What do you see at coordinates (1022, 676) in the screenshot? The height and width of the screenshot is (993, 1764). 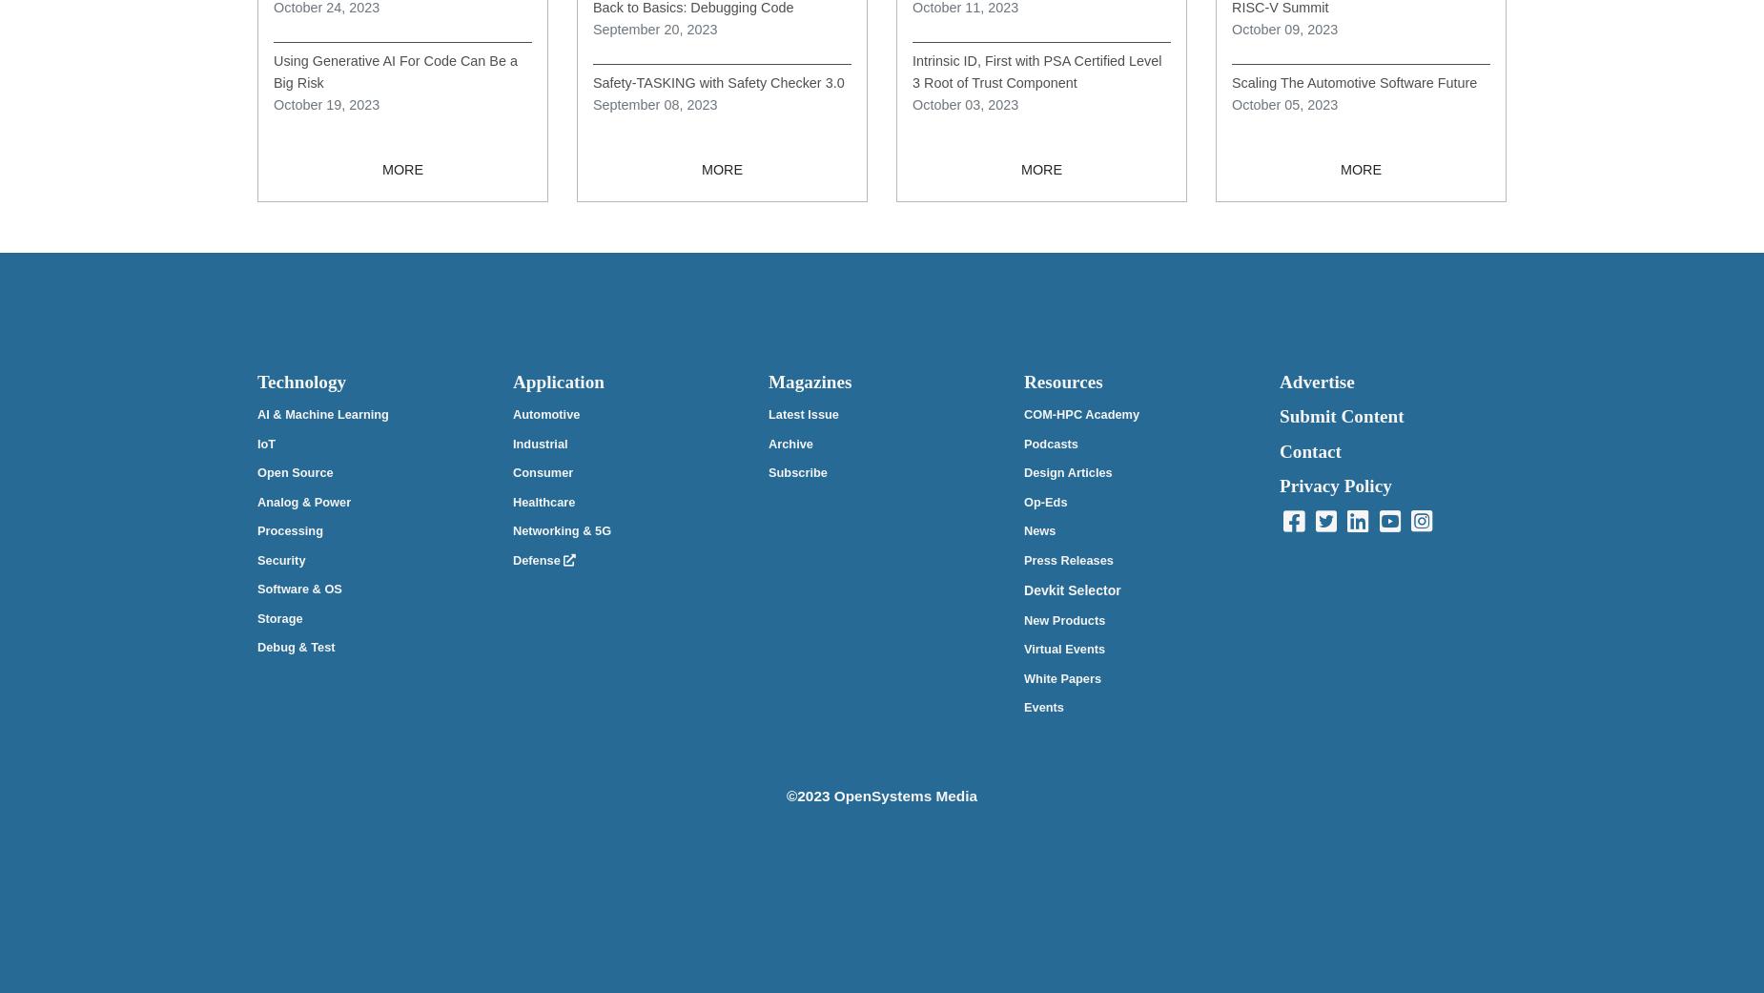 I see `'White Papers'` at bounding box center [1022, 676].